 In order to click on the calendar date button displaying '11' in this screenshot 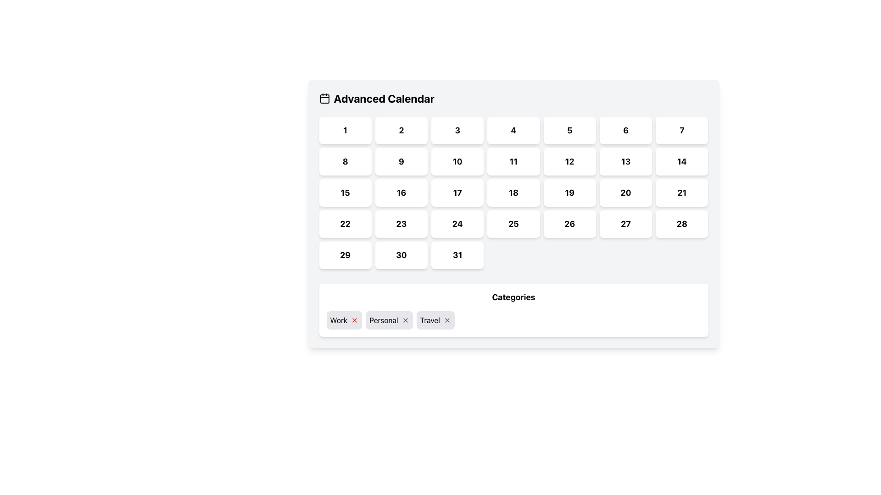, I will do `click(513, 161)`.